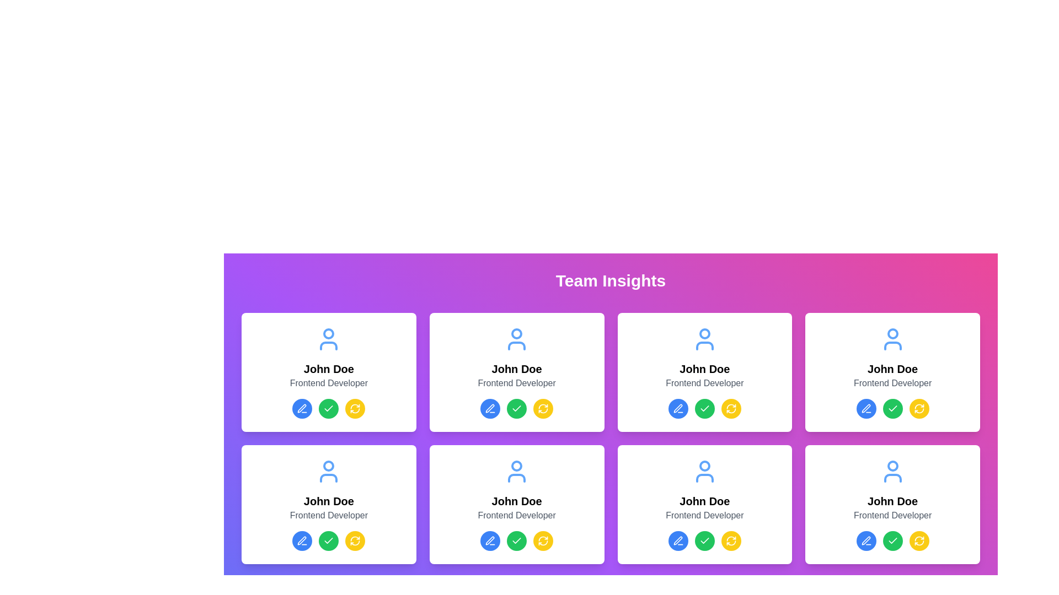  Describe the element at coordinates (892, 408) in the screenshot. I see `the check mark icon, which is a thin green outline on a white background, located below the user's job title text in the second row and second column of the grid layout` at that location.